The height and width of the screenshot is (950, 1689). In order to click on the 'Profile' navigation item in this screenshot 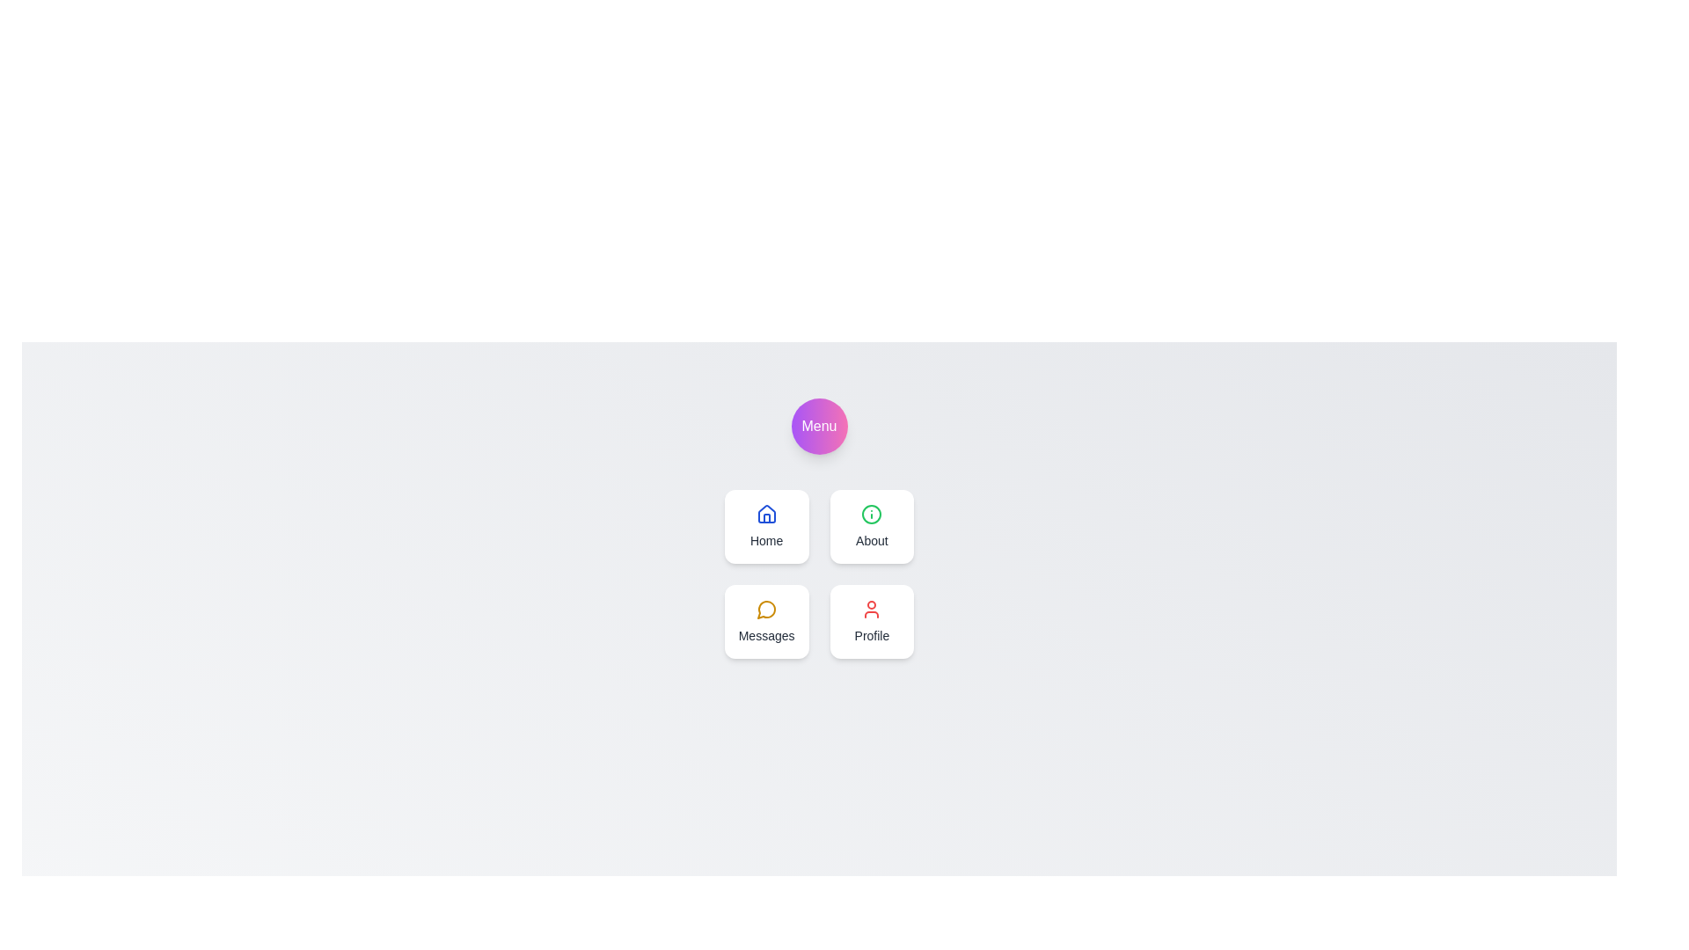, I will do `click(871, 620)`.